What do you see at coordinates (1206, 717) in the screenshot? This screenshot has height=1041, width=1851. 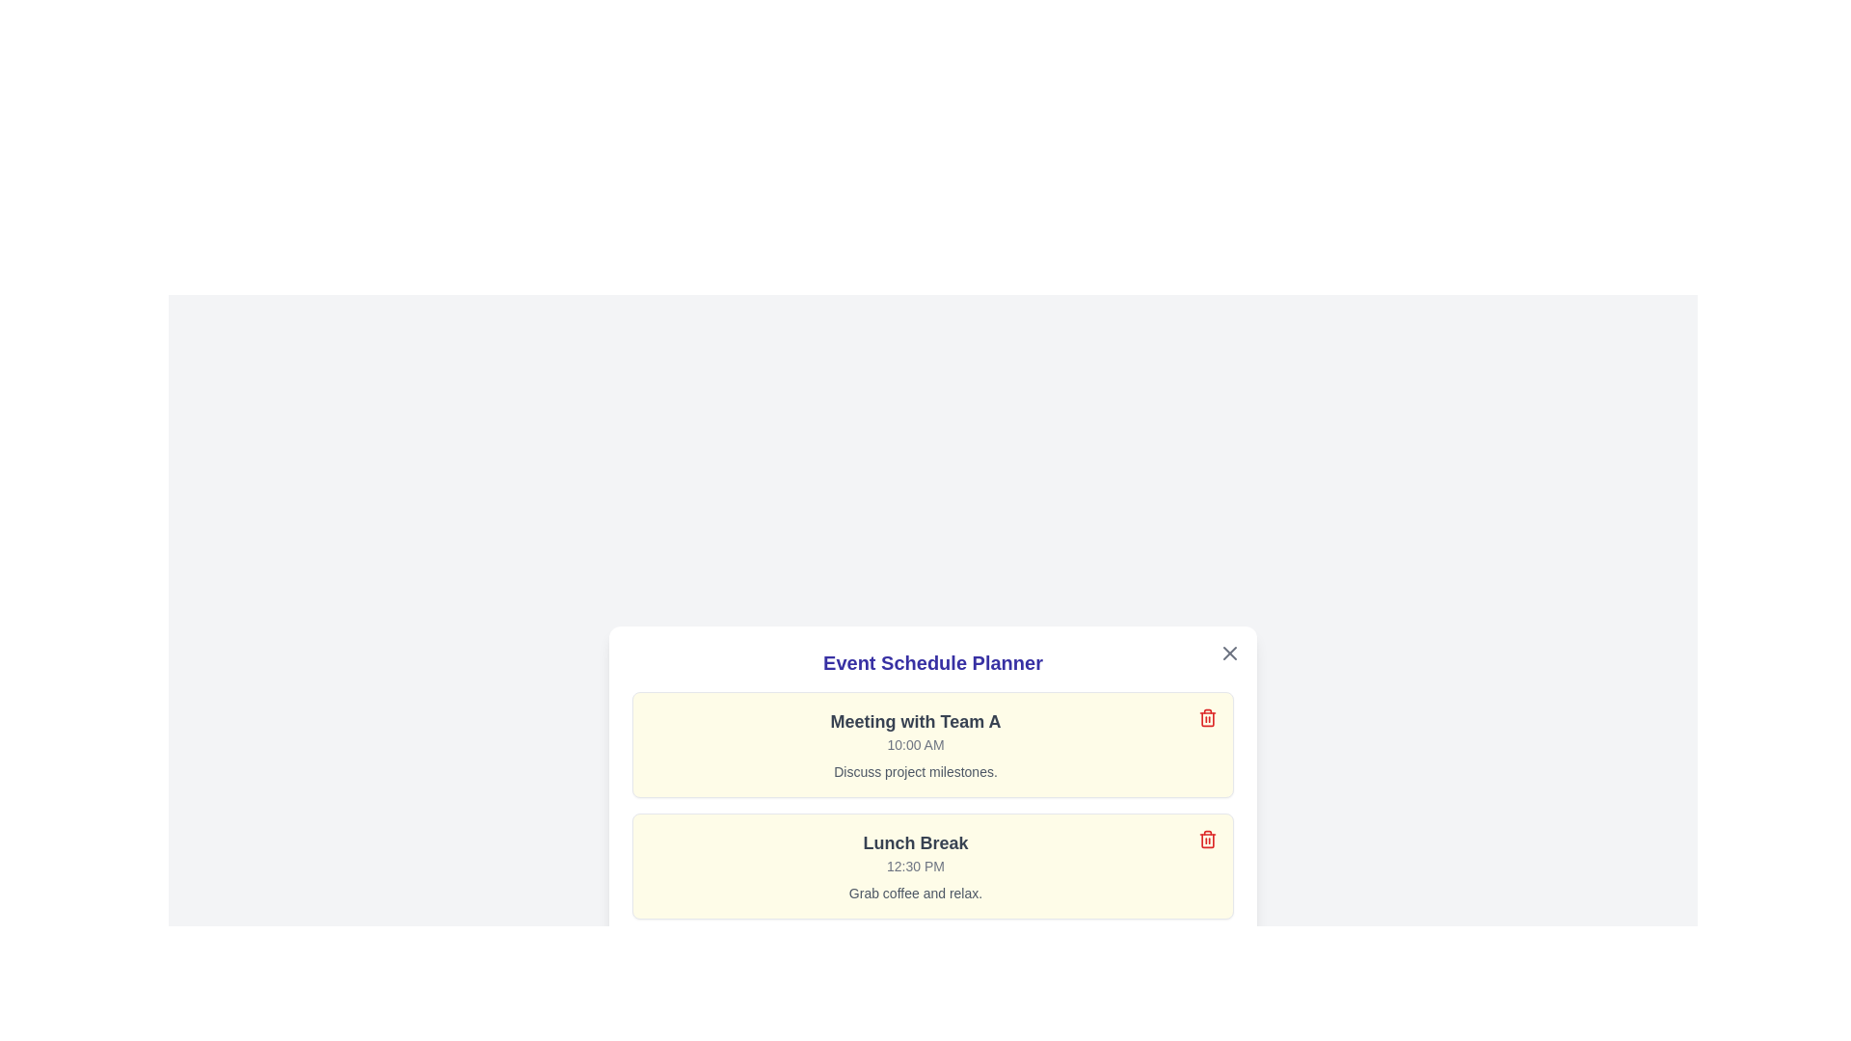 I see `the red trash icon button` at bounding box center [1206, 717].